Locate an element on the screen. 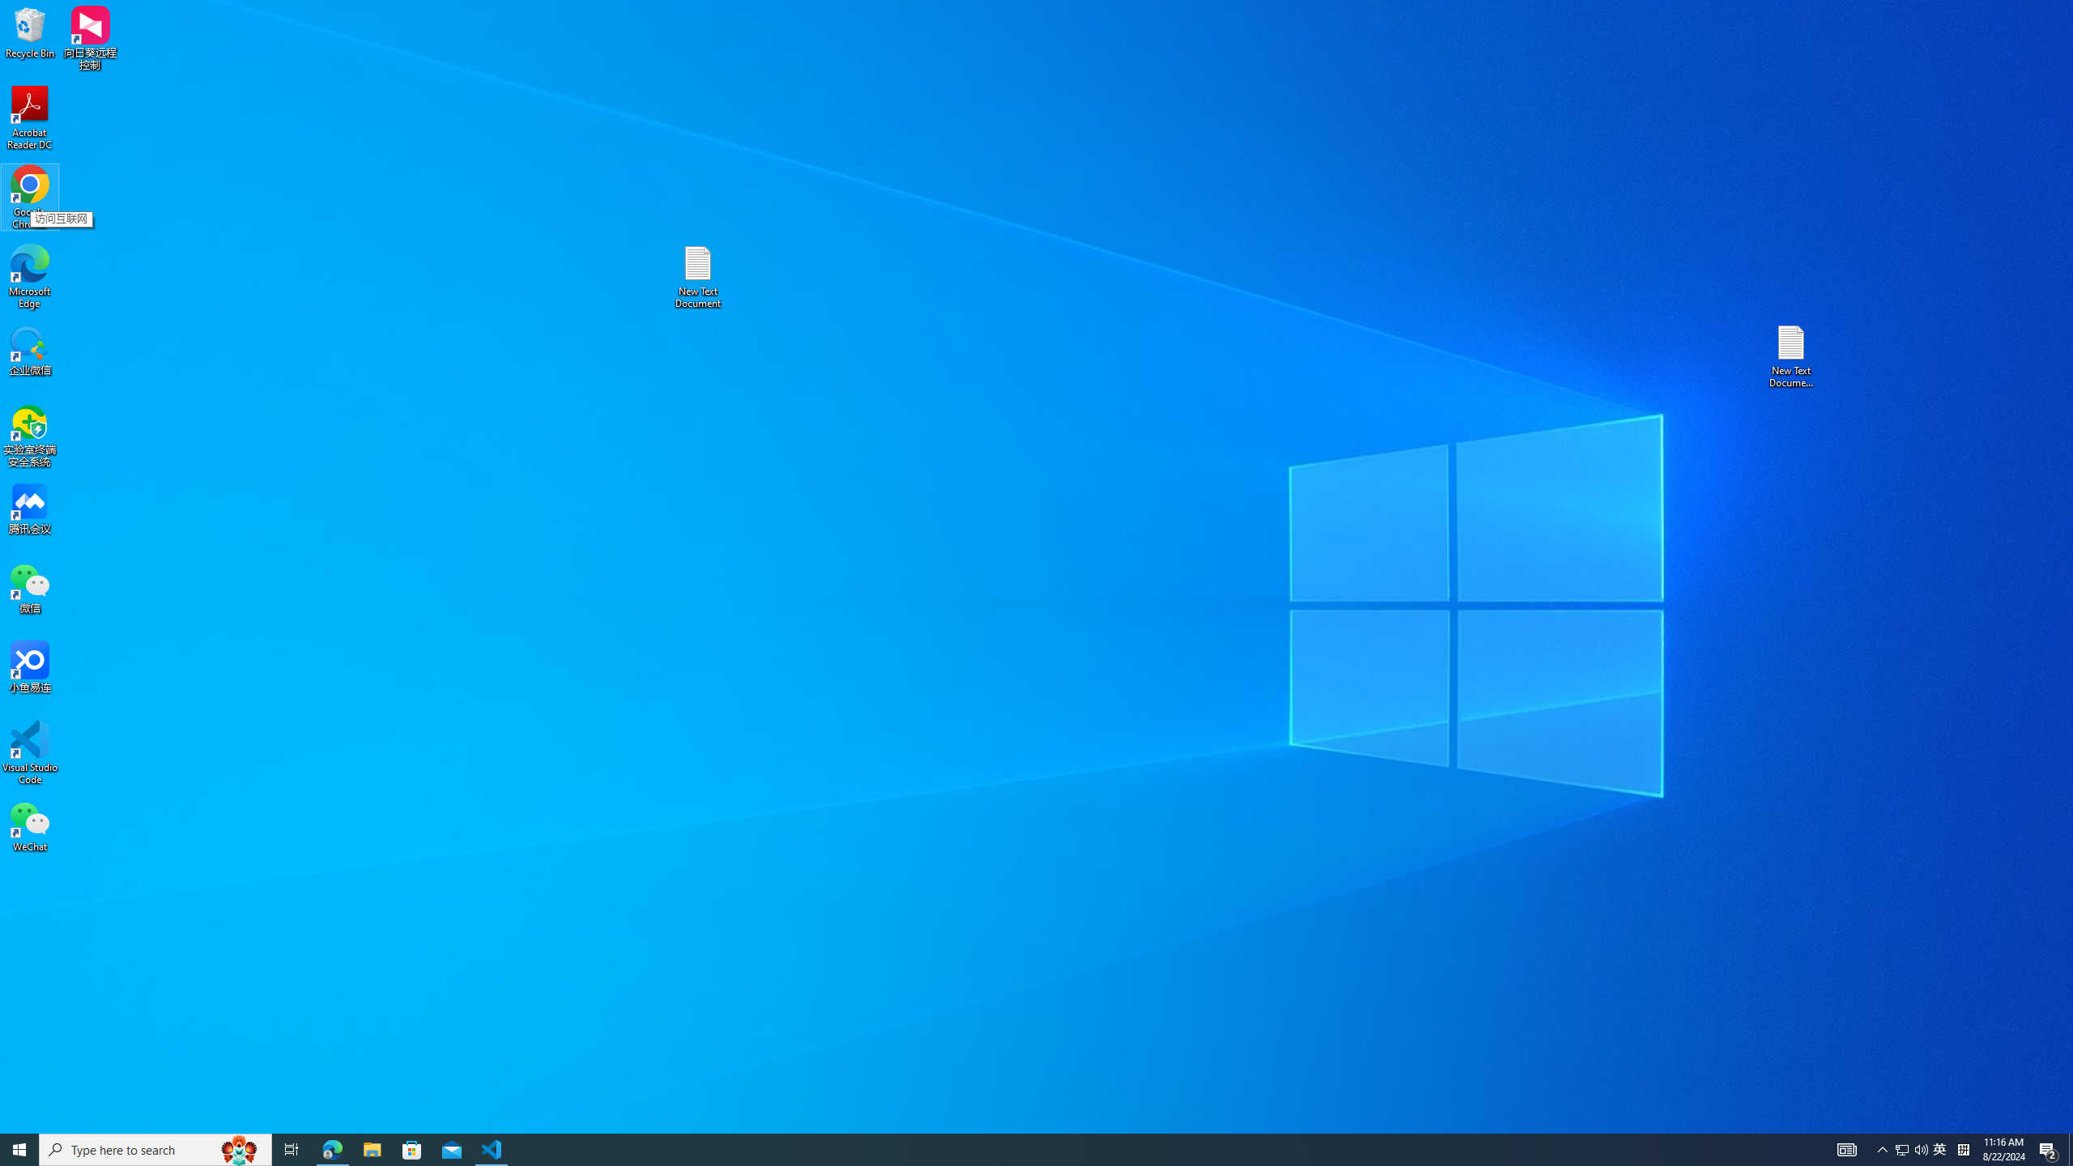  'File Explorer' is located at coordinates (371, 1148).